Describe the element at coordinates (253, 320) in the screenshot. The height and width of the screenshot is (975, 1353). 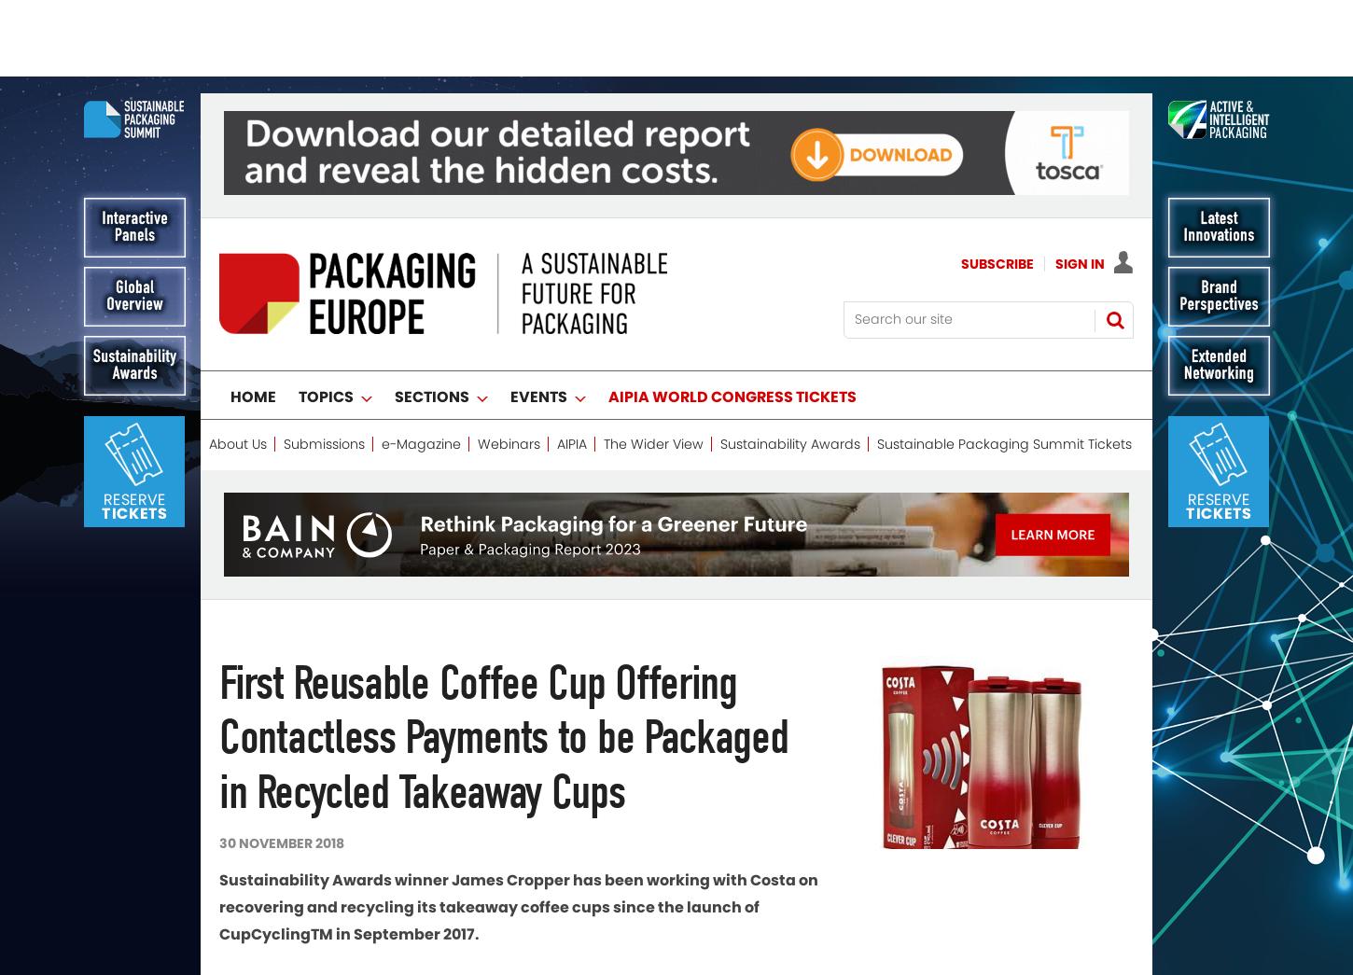
I see `'Home'` at that location.